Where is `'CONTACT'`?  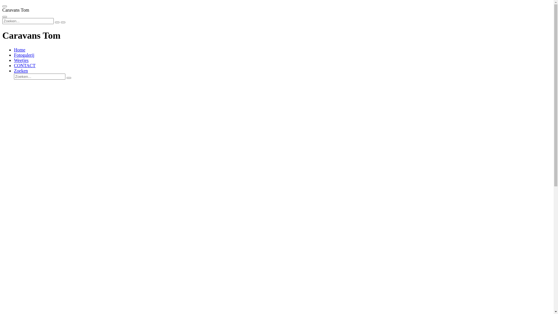 'CONTACT' is located at coordinates (24, 65).